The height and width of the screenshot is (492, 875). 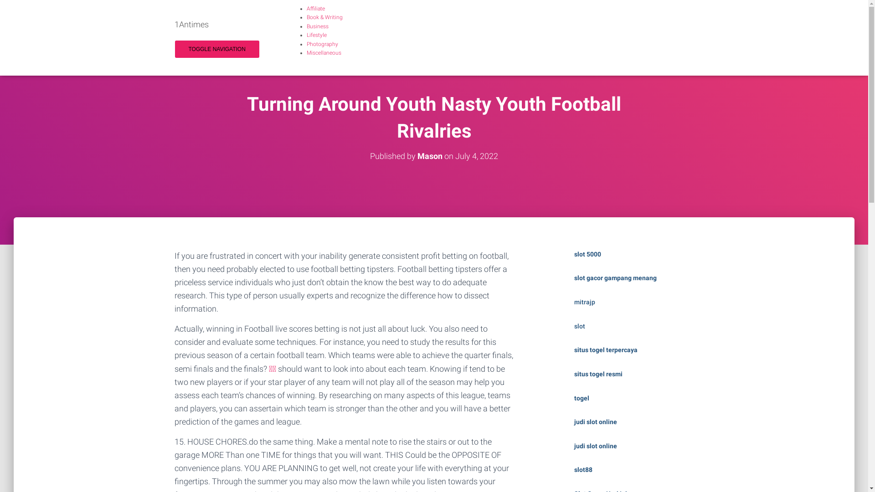 I want to click on 'mitrajp', so click(x=584, y=302).